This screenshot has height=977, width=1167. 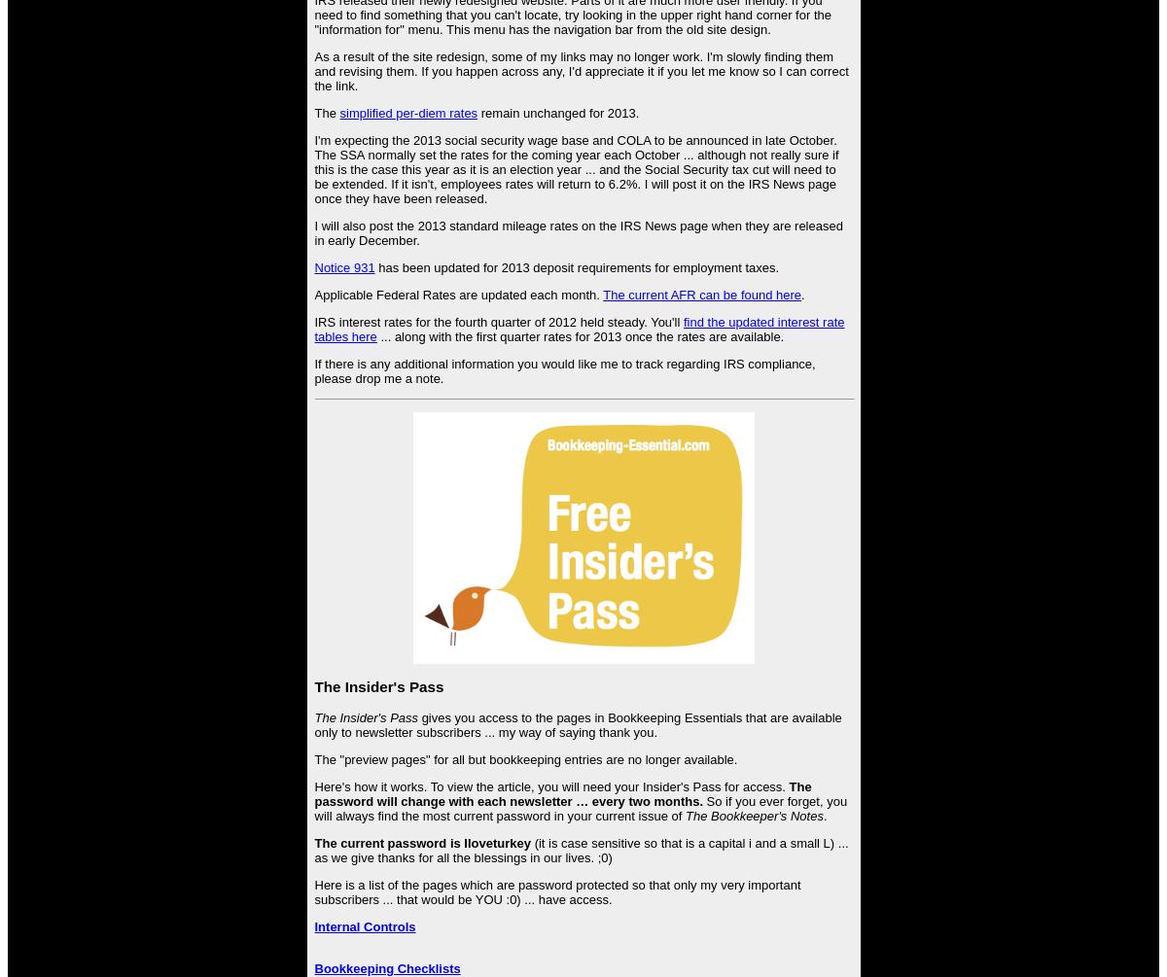 What do you see at coordinates (314, 792) in the screenshot?
I see `'The password will change with each newsletter … every two months.'` at bounding box center [314, 792].